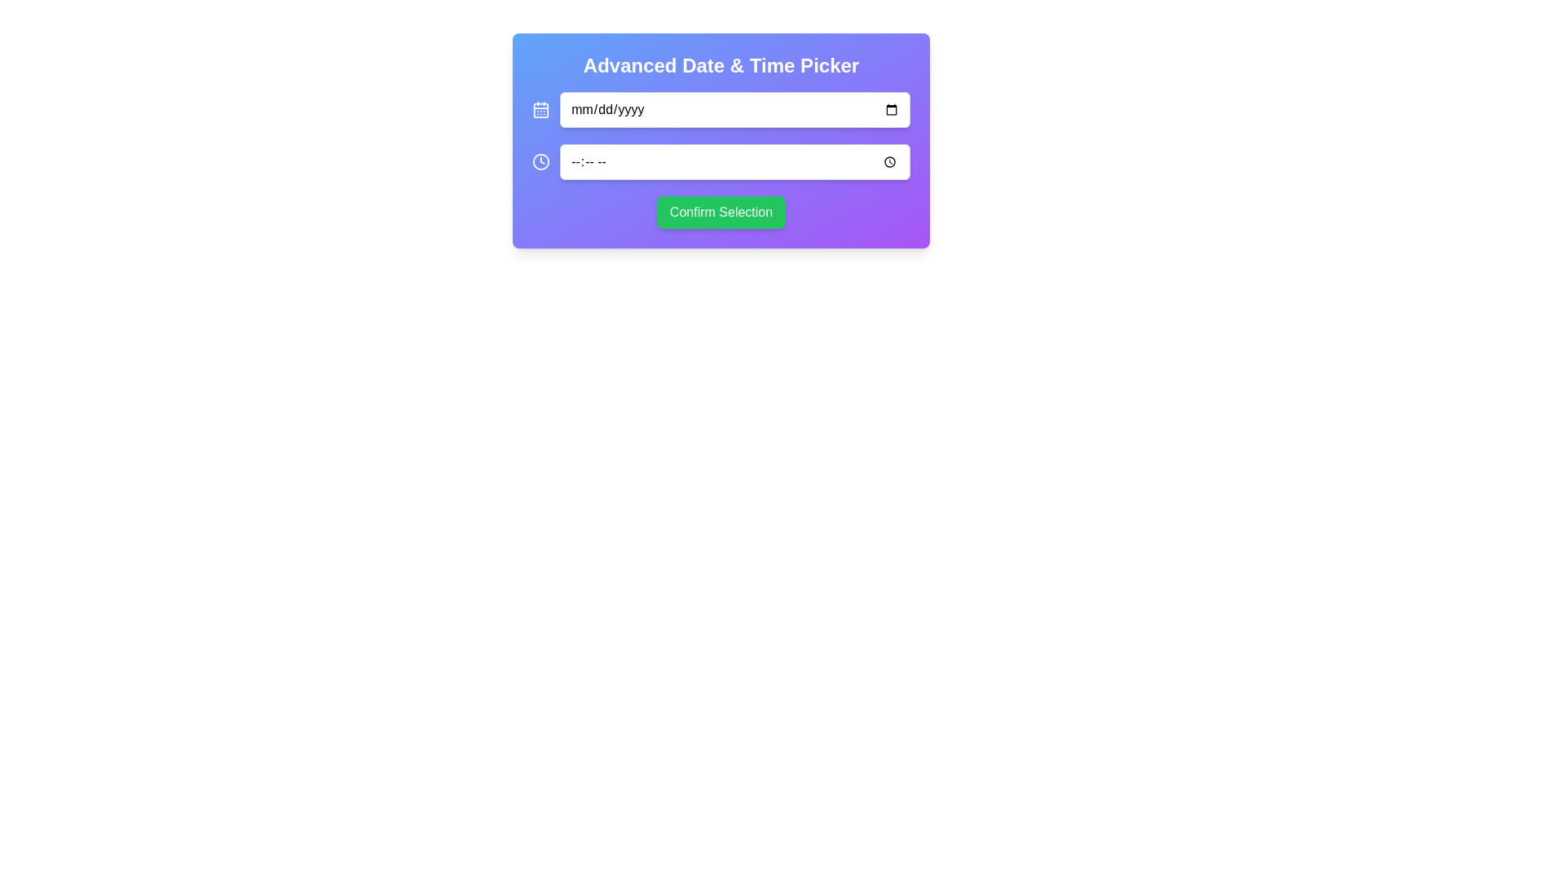 This screenshot has width=1565, height=880. Describe the element at coordinates (541, 162) in the screenshot. I see `the SVG Circle that is a decorative part of the clock icon, representing time selection functionality, located to the left of the time input field` at that location.